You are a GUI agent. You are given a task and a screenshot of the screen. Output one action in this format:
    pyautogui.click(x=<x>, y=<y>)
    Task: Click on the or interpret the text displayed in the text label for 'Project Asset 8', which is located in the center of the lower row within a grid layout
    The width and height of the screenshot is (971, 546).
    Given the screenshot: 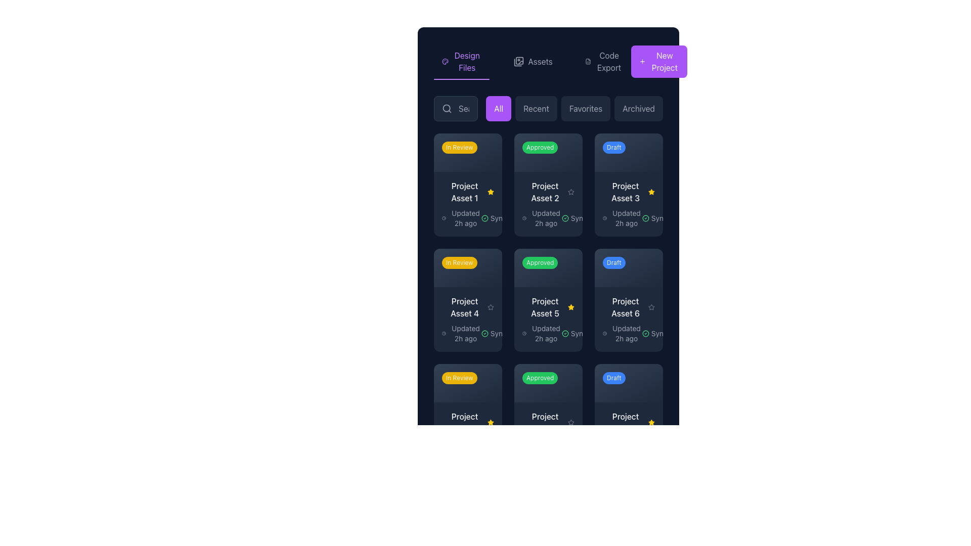 What is the action you would take?
    pyautogui.click(x=548, y=422)
    